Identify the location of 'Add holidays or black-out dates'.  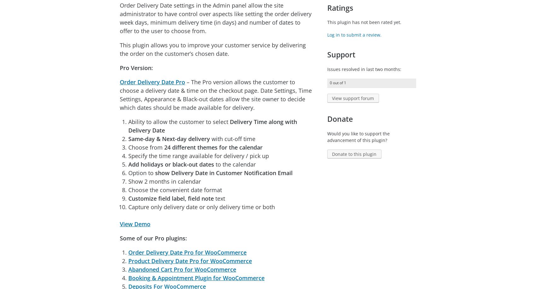
(128, 164).